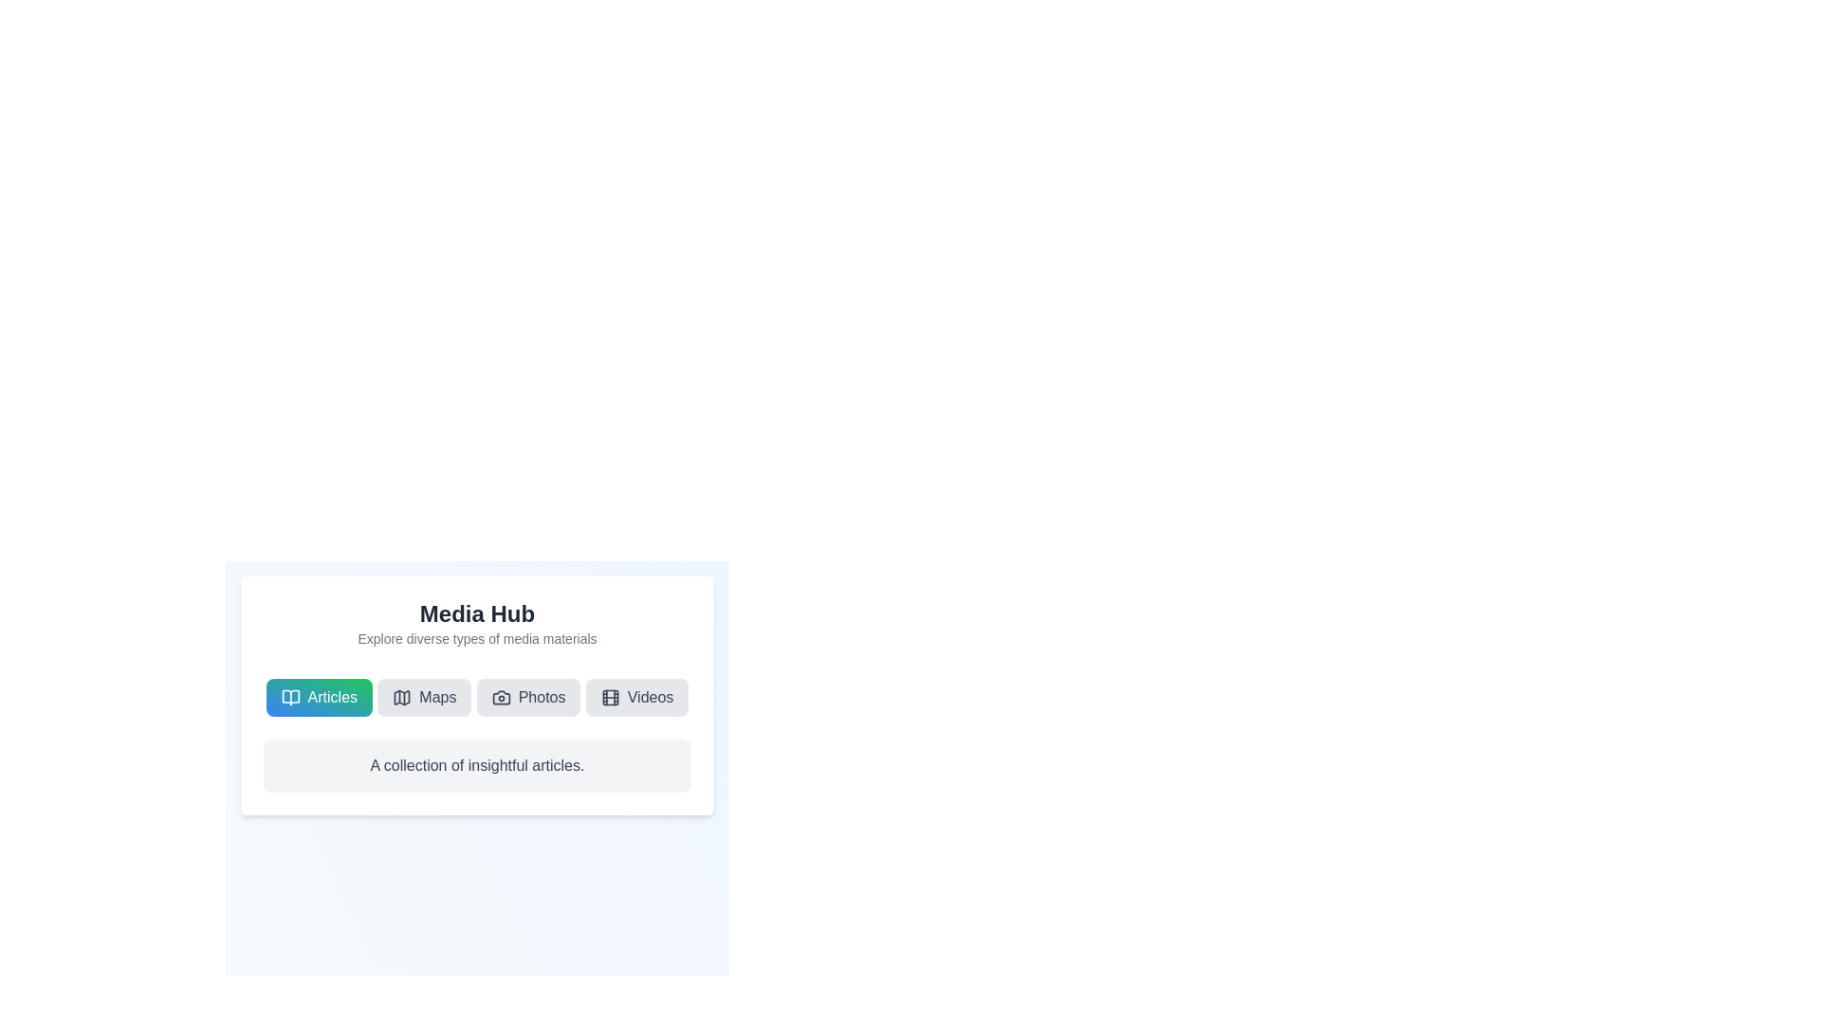 This screenshot has height=1024, width=1821. What do you see at coordinates (528, 698) in the screenshot?
I see `the 'Photos' button, which is a rectangular button with a camera icon and the text 'Photos' on its right, located centrally in the row of buttons under 'Media Hub'` at bounding box center [528, 698].